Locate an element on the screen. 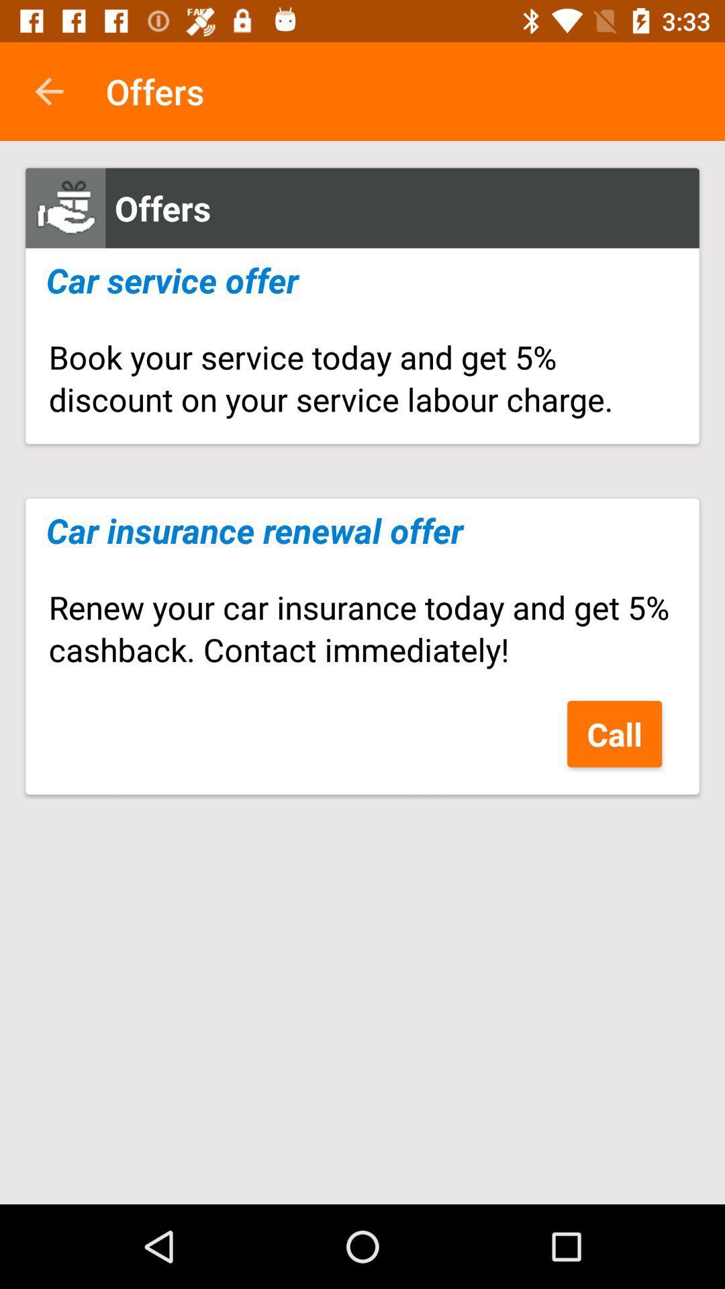 This screenshot has height=1289, width=725. the icon to the left of offers is located at coordinates (48, 91).